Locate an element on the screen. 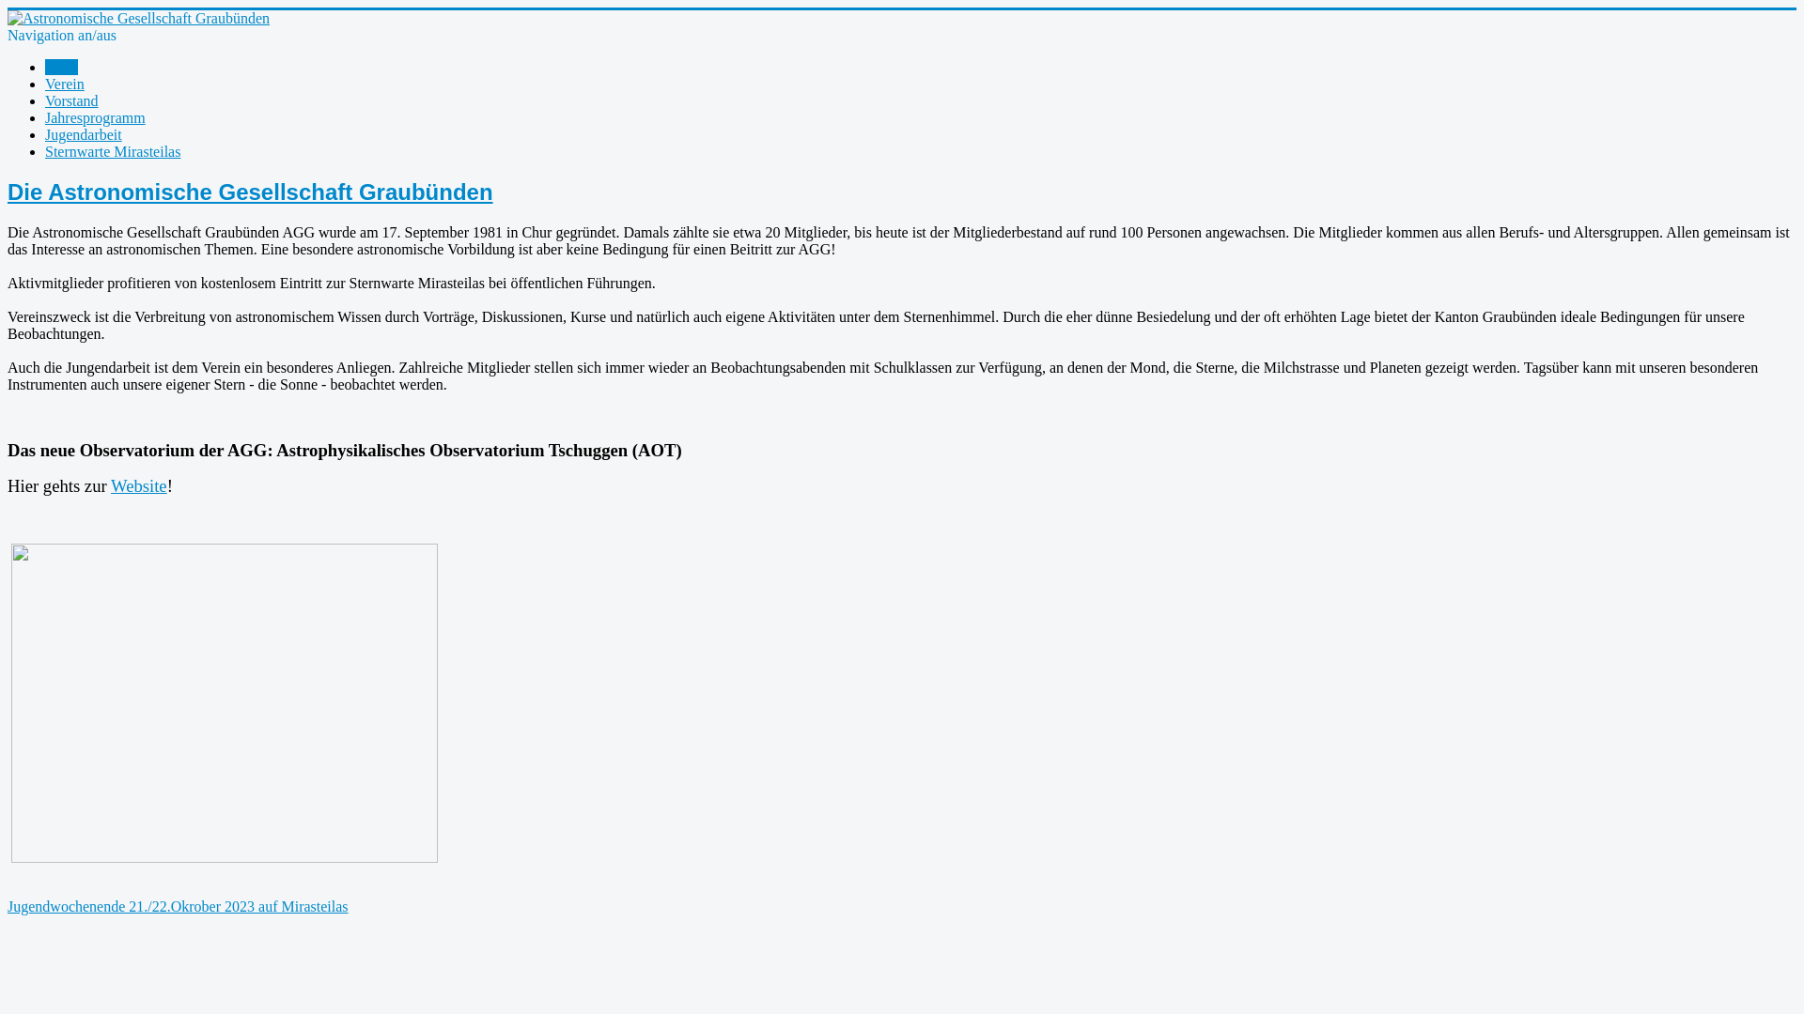  'AGG' is located at coordinates (61, 66).